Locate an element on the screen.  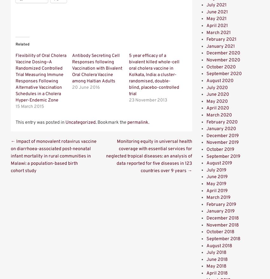
'September 2019' is located at coordinates (223, 156).